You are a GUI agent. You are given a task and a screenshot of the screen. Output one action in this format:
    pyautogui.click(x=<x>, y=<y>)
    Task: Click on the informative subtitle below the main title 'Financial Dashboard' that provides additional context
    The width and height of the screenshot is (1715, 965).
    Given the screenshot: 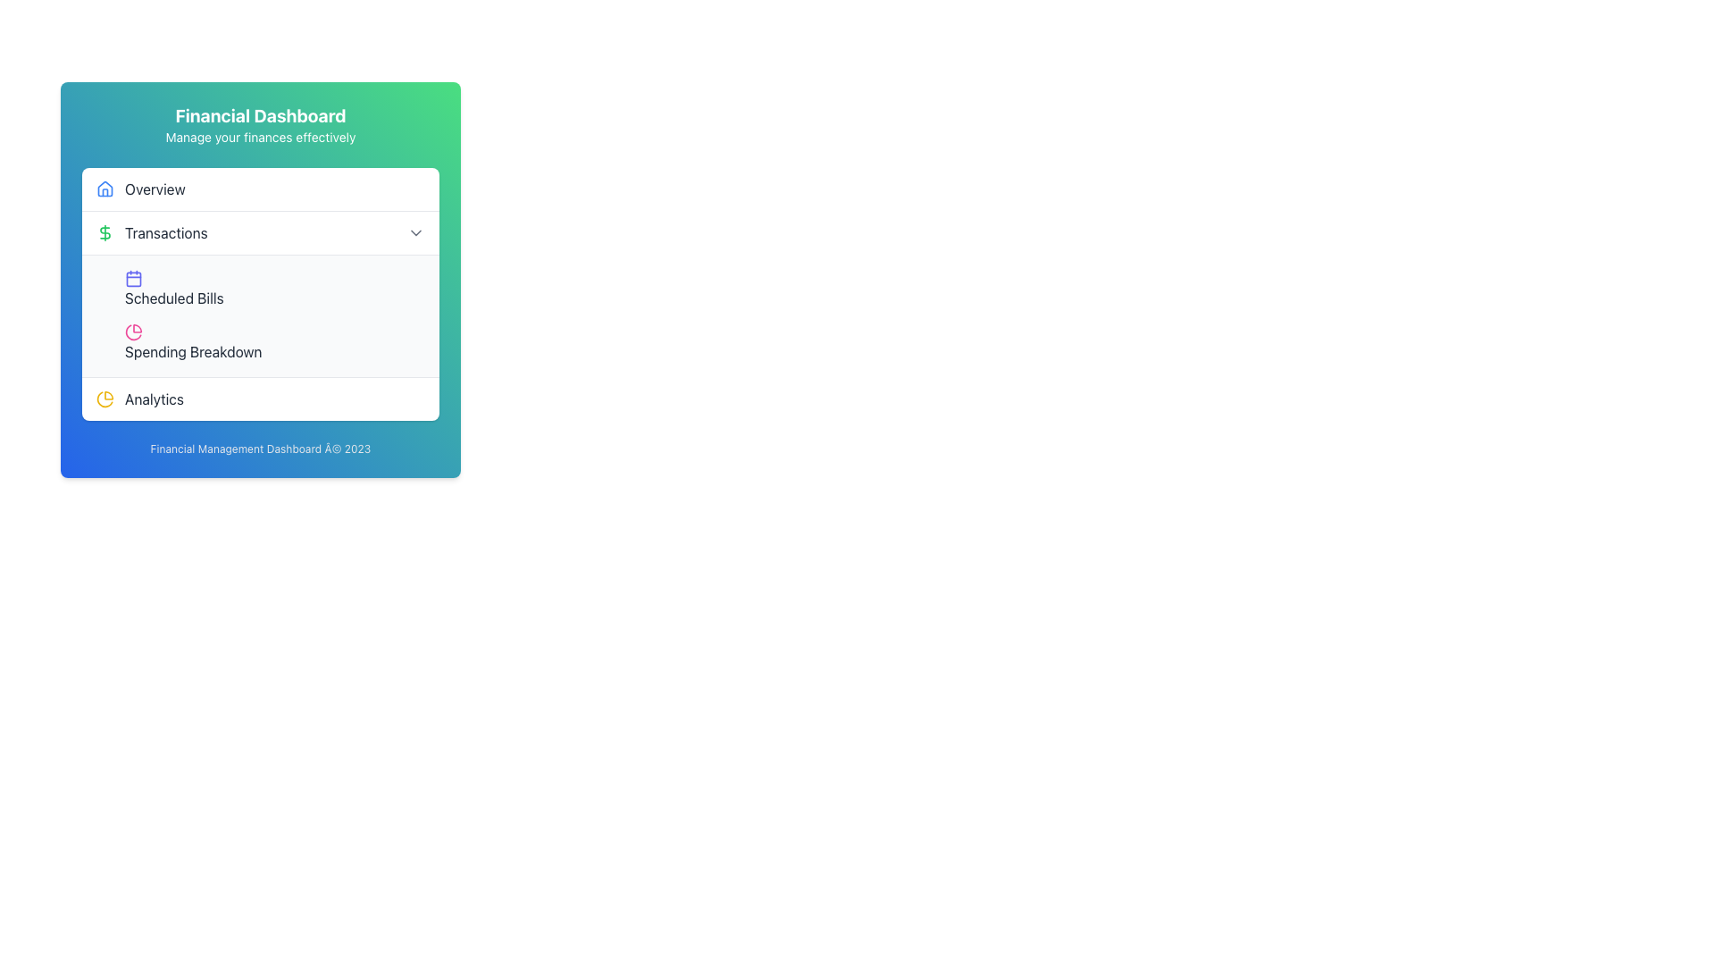 What is the action you would take?
    pyautogui.click(x=260, y=137)
    